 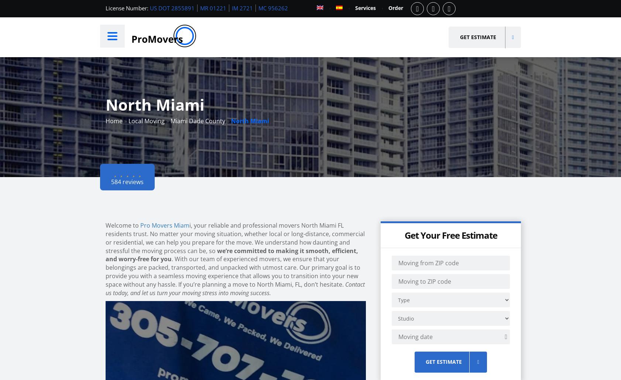 What do you see at coordinates (233, 272) in the screenshot?
I see `'. With our team of experienced movers, we ensure that your belongings are packed, transported, and unpacked with utmost care. Our primary goal is to provide you with a seamless moving experience that allows you to transition into your new space without any hassle. If you’re planning a move to North Miami, FL, don’t hesitate.'` at bounding box center [233, 272].